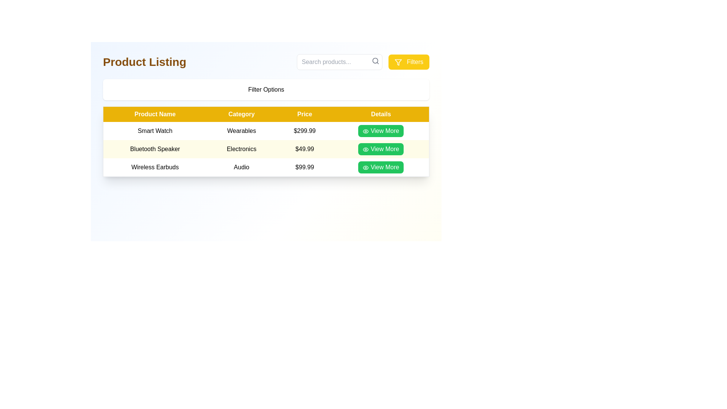  What do you see at coordinates (304, 131) in the screenshot?
I see `the non-interactive price text element located in the third column under the 'Price' header, aligned with 'Smart Watch' and 'Wearables', positioned between the 'Wearables' category text and the 'View More' button in the first row` at bounding box center [304, 131].